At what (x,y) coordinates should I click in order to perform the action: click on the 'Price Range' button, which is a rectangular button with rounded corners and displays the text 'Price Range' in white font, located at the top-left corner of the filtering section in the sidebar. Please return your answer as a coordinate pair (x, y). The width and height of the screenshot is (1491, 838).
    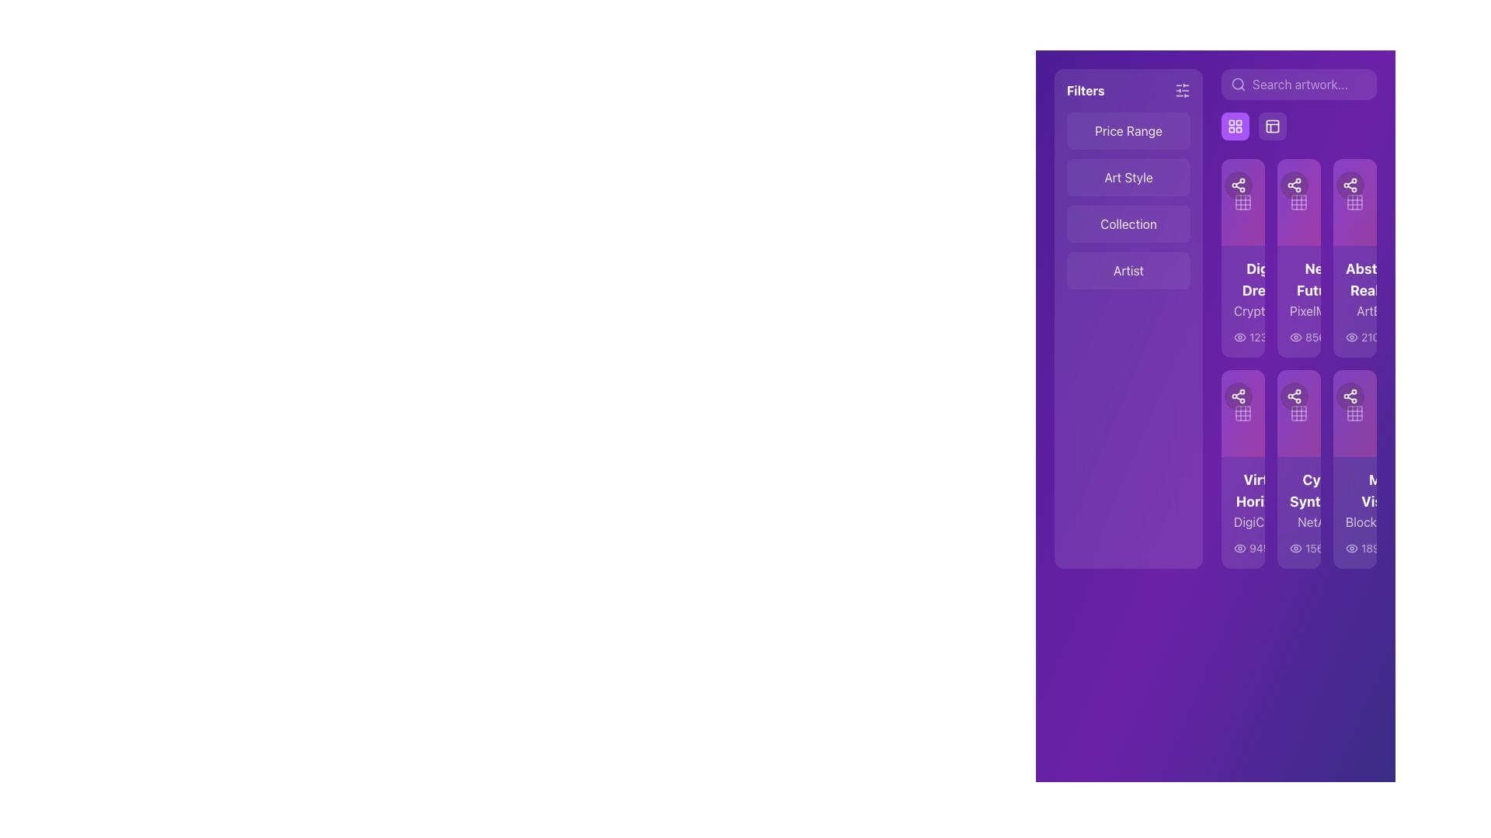
    Looking at the image, I should click on (1128, 130).